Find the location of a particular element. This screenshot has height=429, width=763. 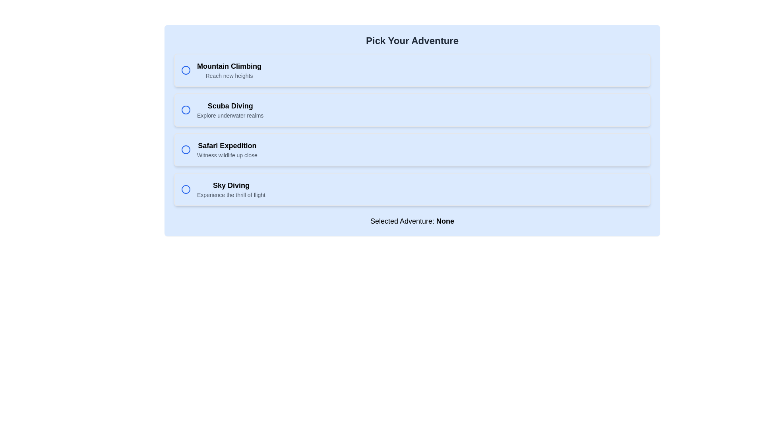

descriptive text for the 'Sky Diving' adventure option, which is located in the bottommost position of the vertical list titled 'Pick Your Adventure.' is located at coordinates (230, 189).